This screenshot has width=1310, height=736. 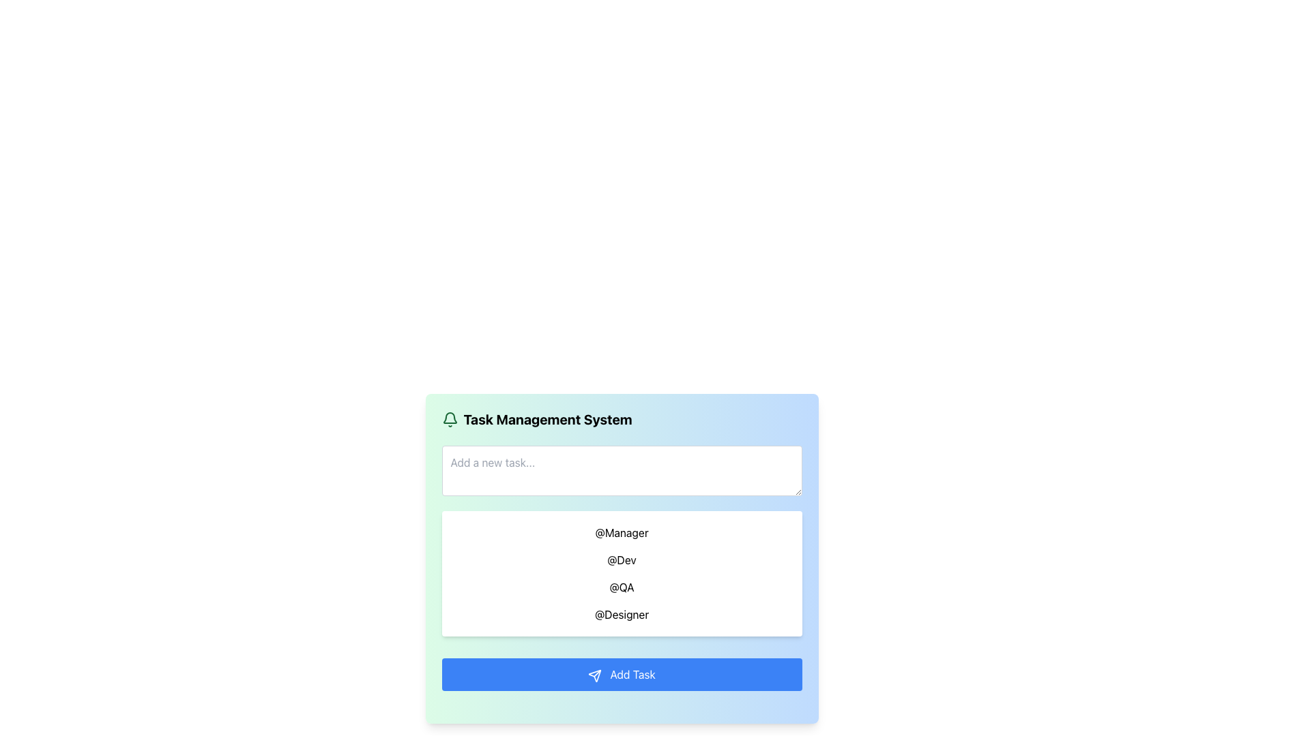 What do you see at coordinates (621, 556) in the screenshot?
I see `the text label '@Dev' which is styled with a clean font and positioned in a list of similar entries, located between '@Manager' and '@QA'` at bounding box center [621, 556].